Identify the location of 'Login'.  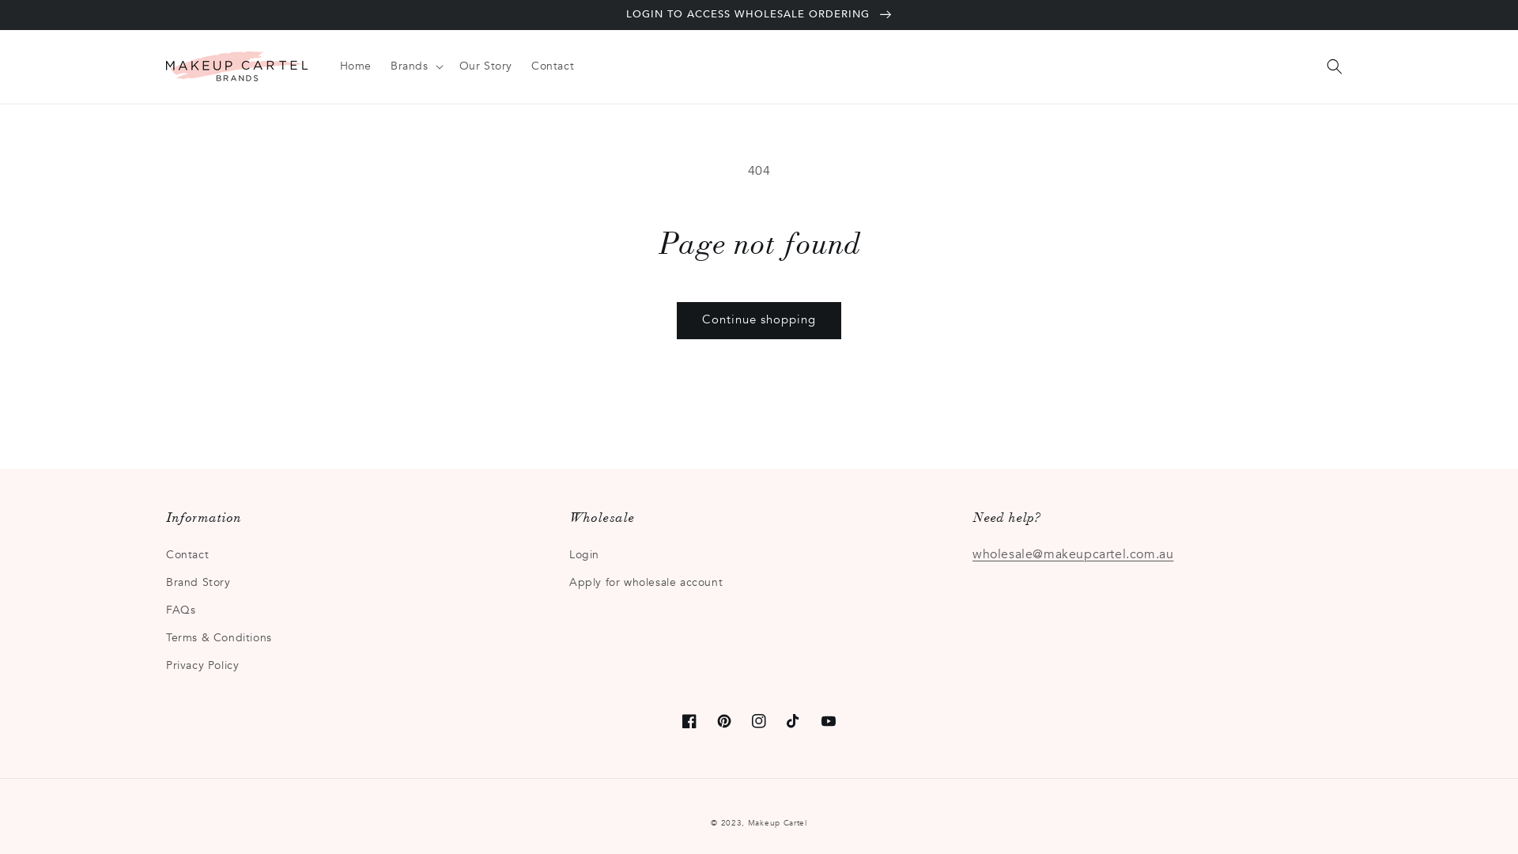
(583, 556).